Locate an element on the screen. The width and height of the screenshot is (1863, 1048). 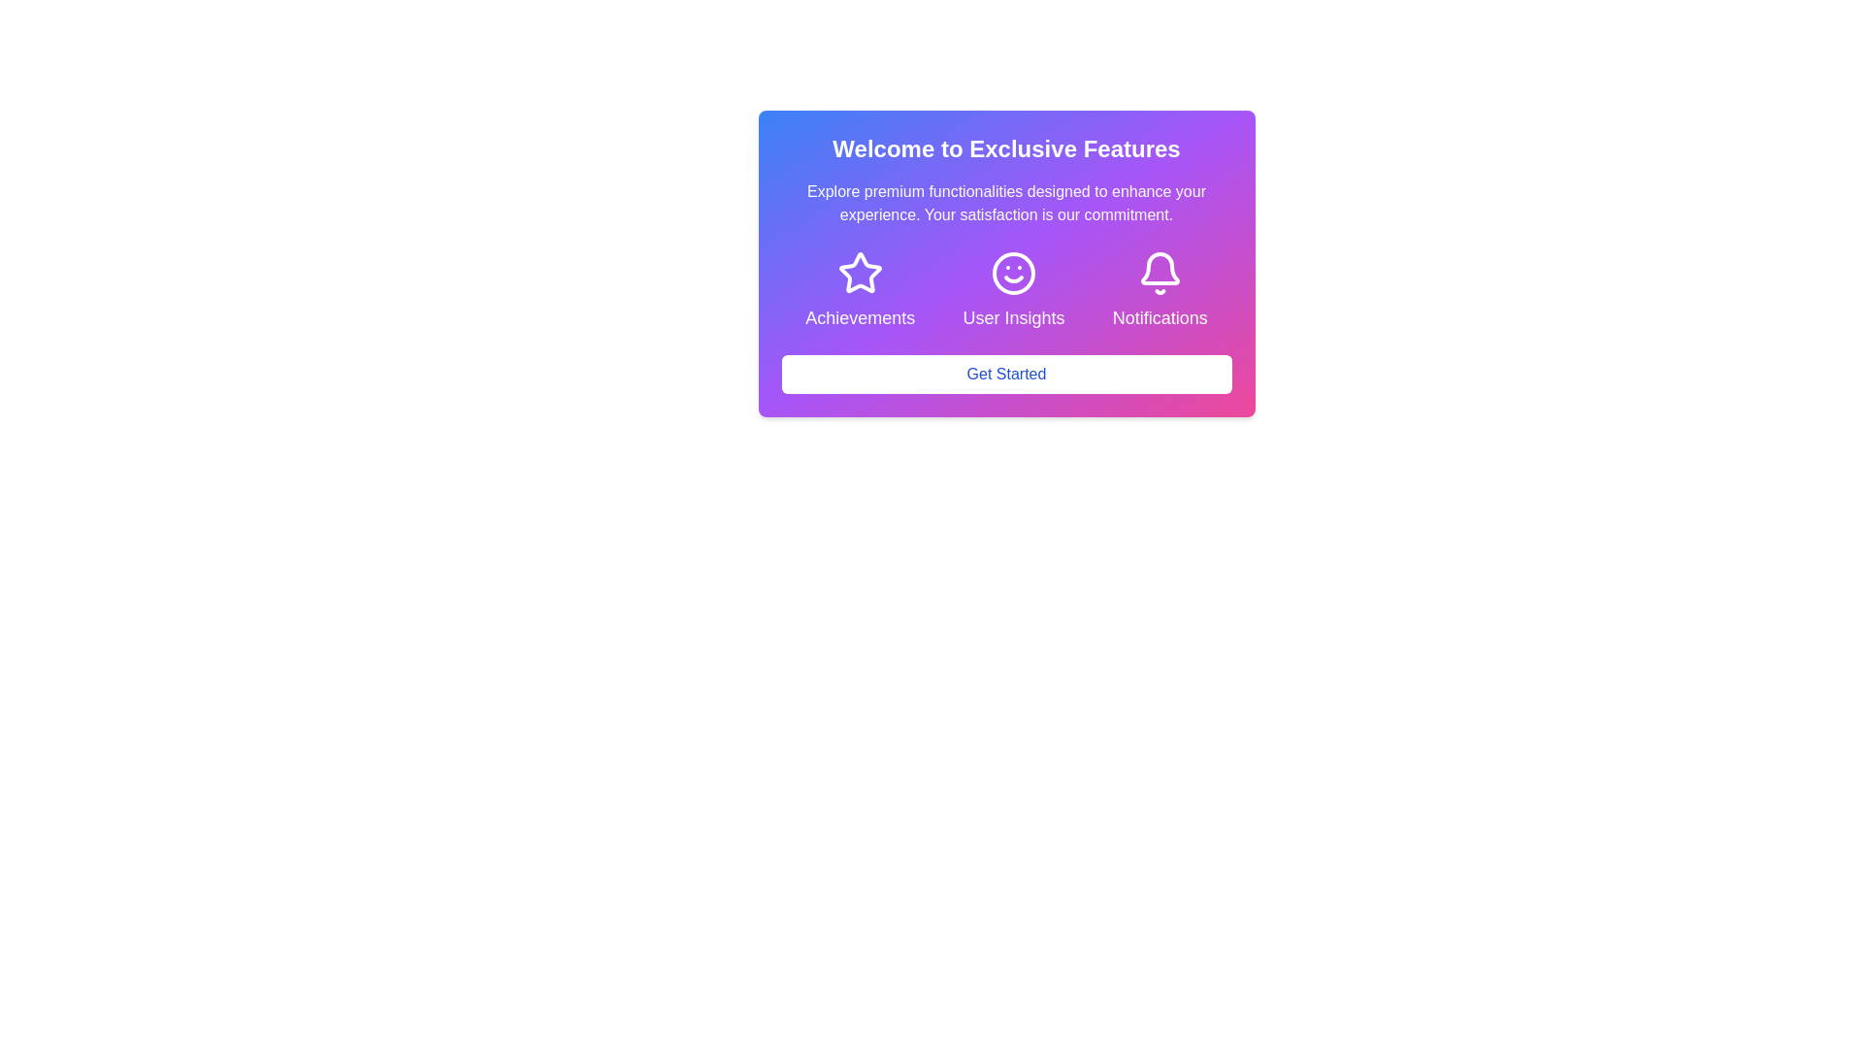
label located under the star icon, which serves as a textual companion for user guidance is located at coordinates (859, 316).